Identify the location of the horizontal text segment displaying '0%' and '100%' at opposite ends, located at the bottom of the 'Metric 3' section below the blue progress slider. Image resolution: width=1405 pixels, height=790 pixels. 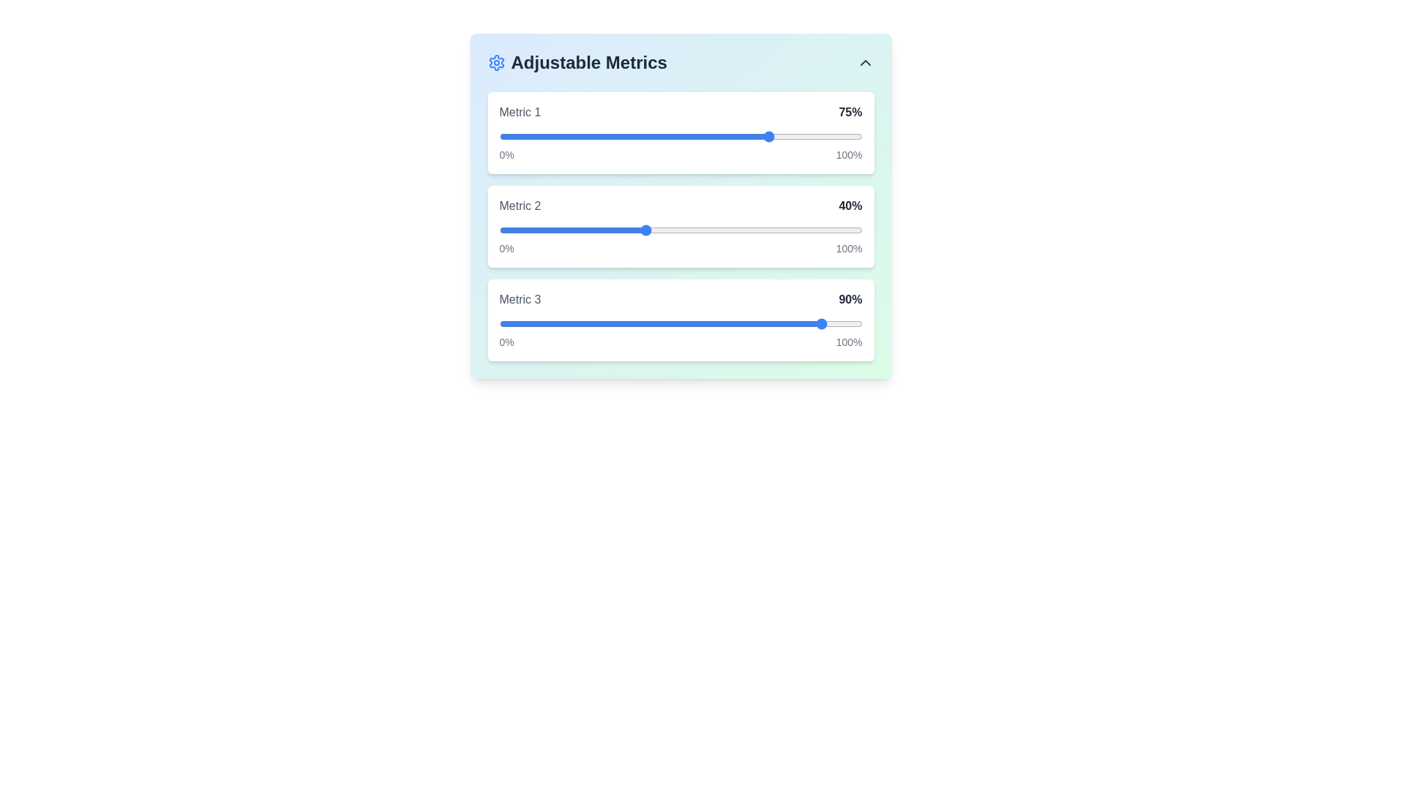
(680, 342).